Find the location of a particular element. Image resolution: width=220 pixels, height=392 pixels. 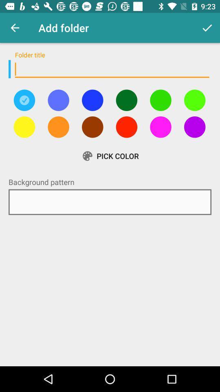

pick color is located at coordinates (92, 100).